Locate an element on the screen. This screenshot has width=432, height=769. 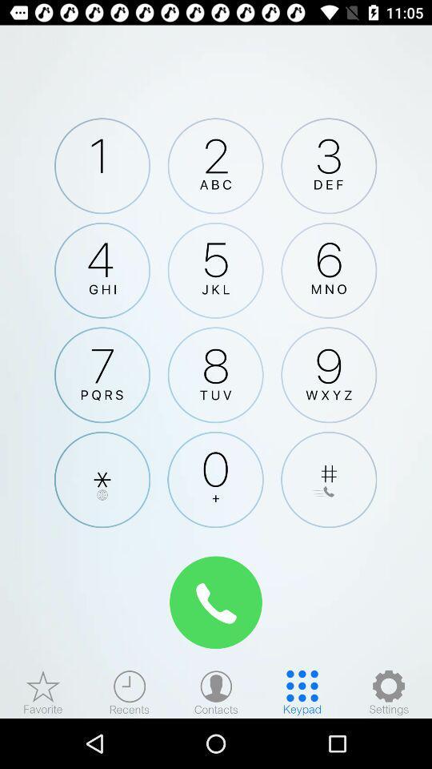
settings is located at coordinates (388, 691).